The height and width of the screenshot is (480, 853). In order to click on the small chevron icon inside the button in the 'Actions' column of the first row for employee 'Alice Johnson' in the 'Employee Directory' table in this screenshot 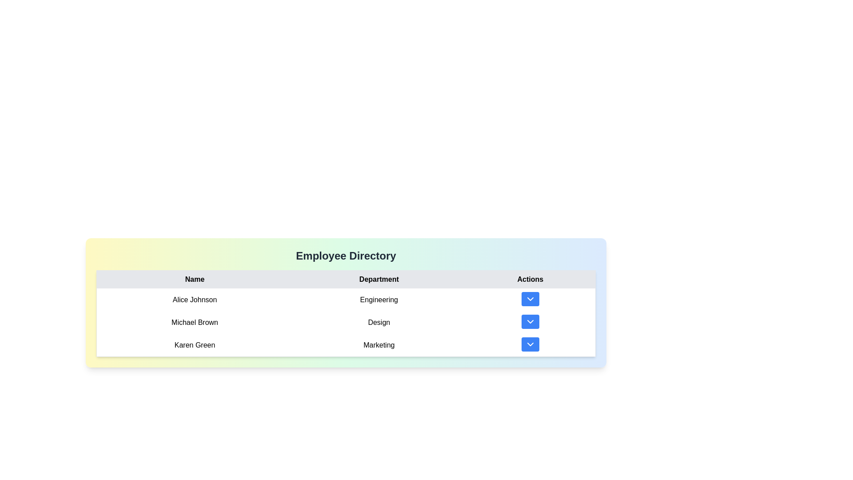, I will do `click(530, 299)`.